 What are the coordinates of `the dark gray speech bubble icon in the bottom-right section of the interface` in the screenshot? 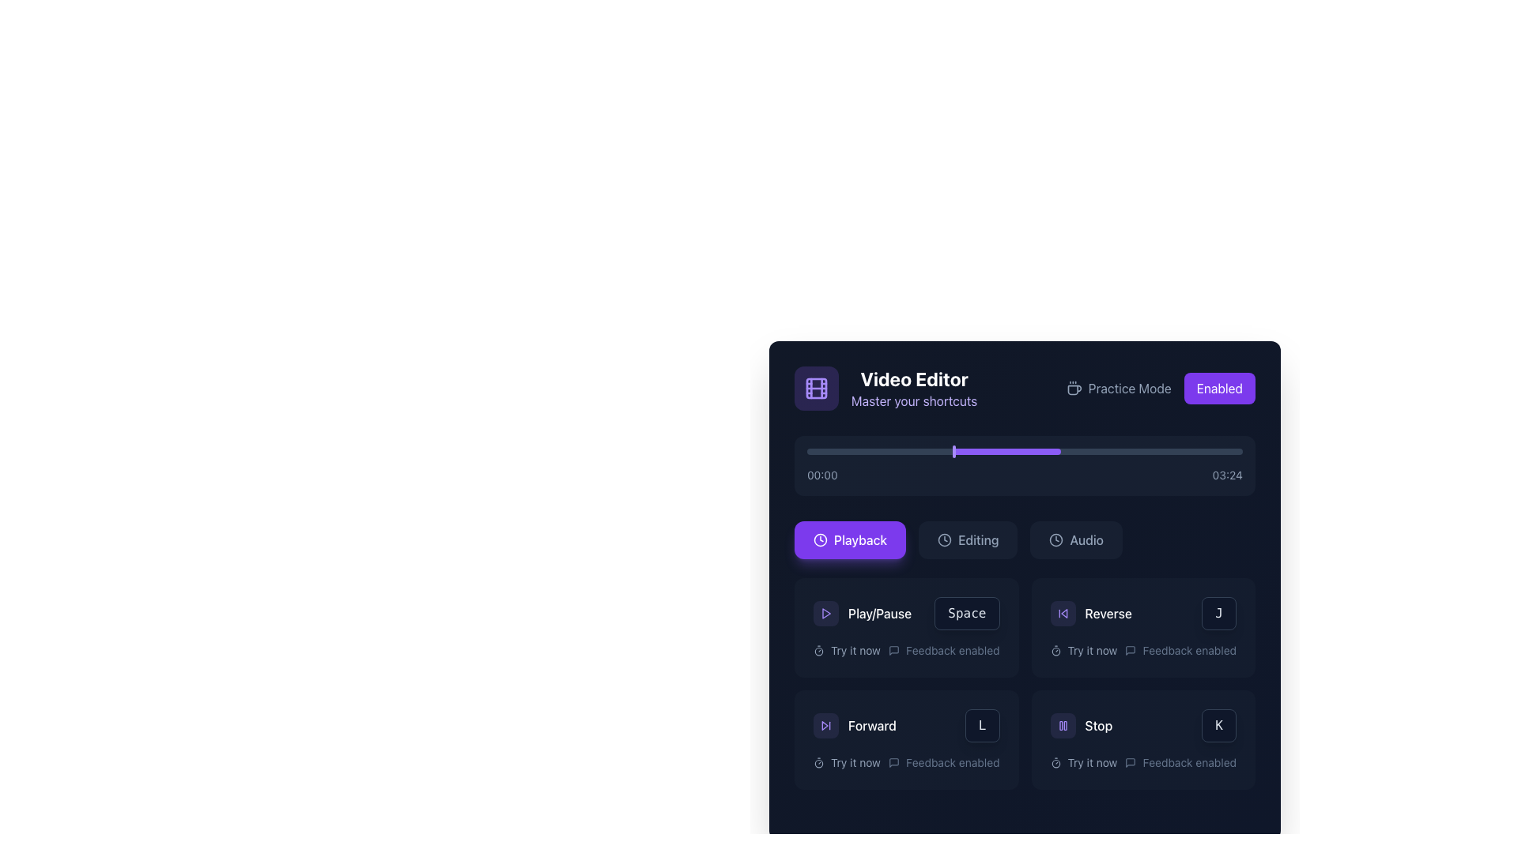 It's located at (893, 761).